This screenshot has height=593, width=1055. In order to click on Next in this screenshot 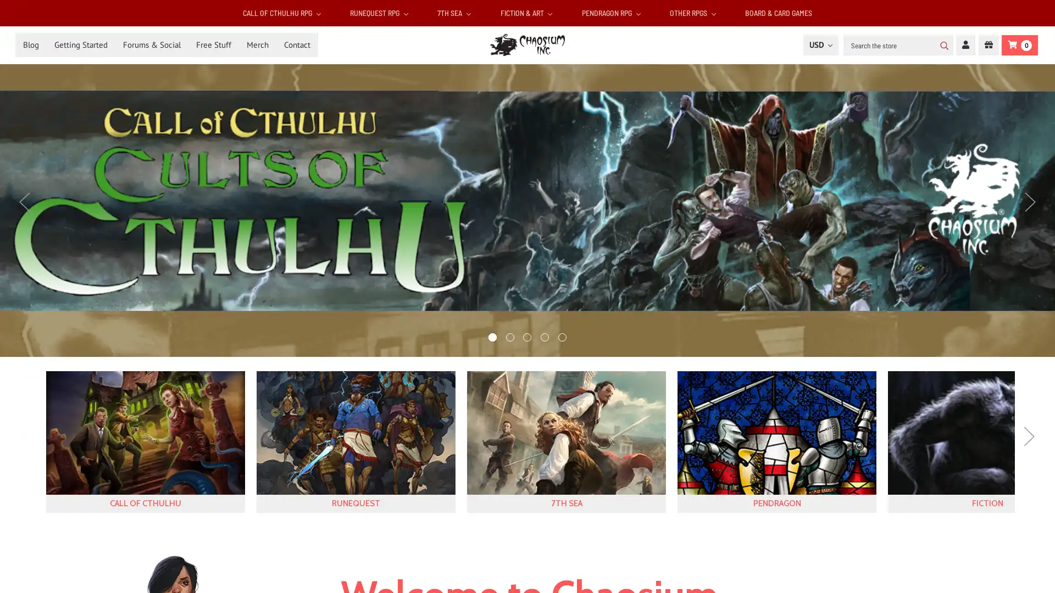, I will do `click(1028, 446)`.